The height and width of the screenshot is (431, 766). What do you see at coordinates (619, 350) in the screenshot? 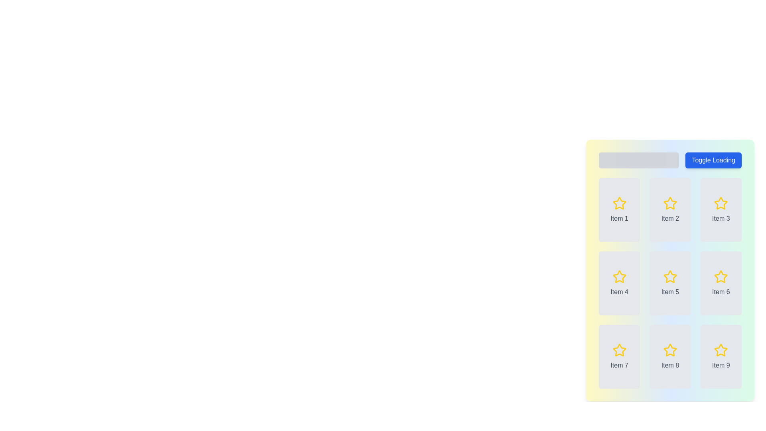
I see `the star-shaped icon with a yellow outline that is associated with the text label 'Item 7'` at bounding box center [619, 350].